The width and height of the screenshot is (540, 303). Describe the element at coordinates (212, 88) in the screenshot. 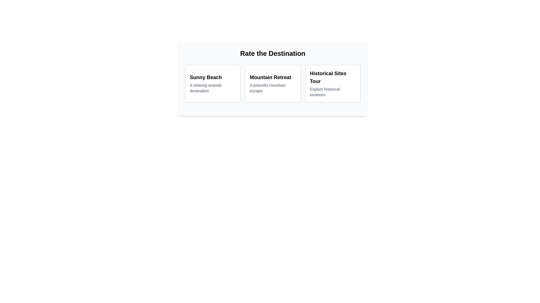

I see `the descriptive text label located under the bold title 'Sunny Beach', which is positioned in the leftmost of three horizontally aligned options` at that location.